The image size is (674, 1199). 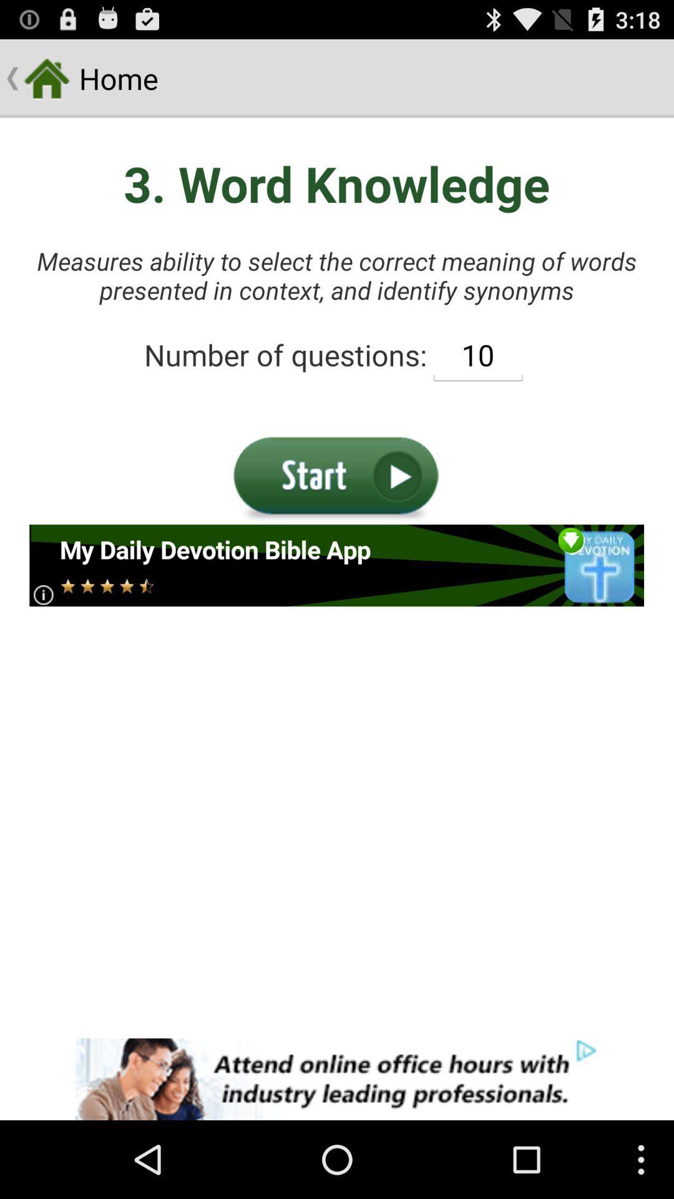 I want to click on advertiser site, so click(x=337, y=1078).